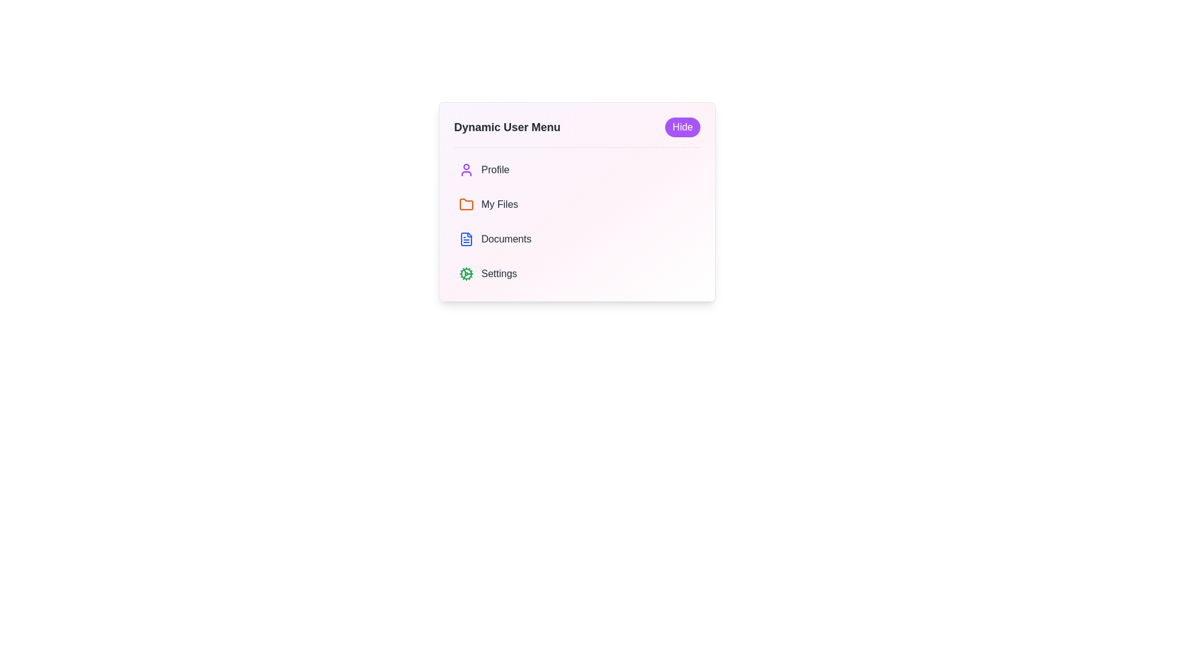 The width and height of the screenshot is (1188, 668). I want to click on the 'Profile' option text label located immediately below the 'Dynamic User Menu' heading, so click(495, 169).